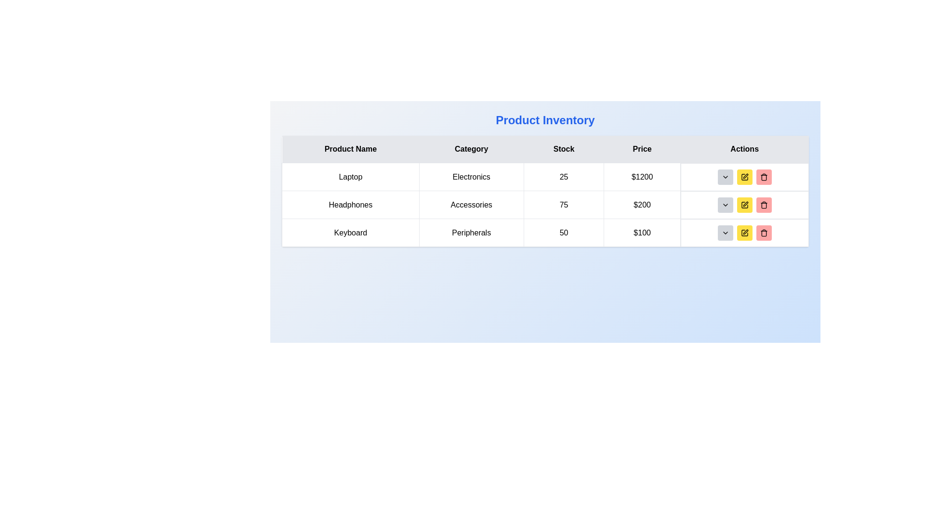 The width and height of the screenshot is (925, 520). I want to click on the edit button for the product 'Laptop' in the 'Actions' column of the product inventory table, so click(744, 177).